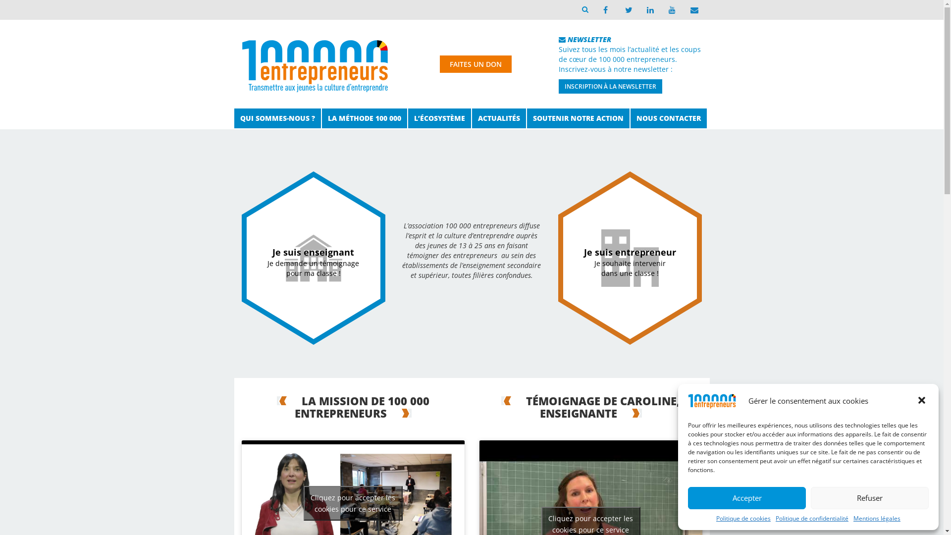  What do you see at coordinates (649, 9) in the screenshot?
I see `'LinkedIn'` at bounding box center [649, 9].